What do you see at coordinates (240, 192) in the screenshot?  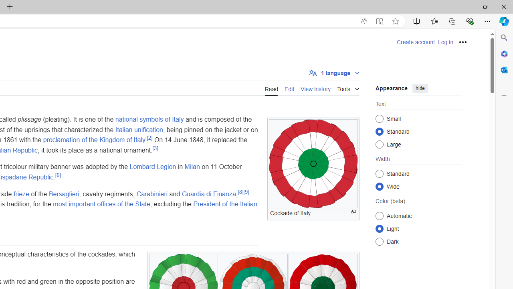 I see `'[8]'` at bounding box center [240, 192].